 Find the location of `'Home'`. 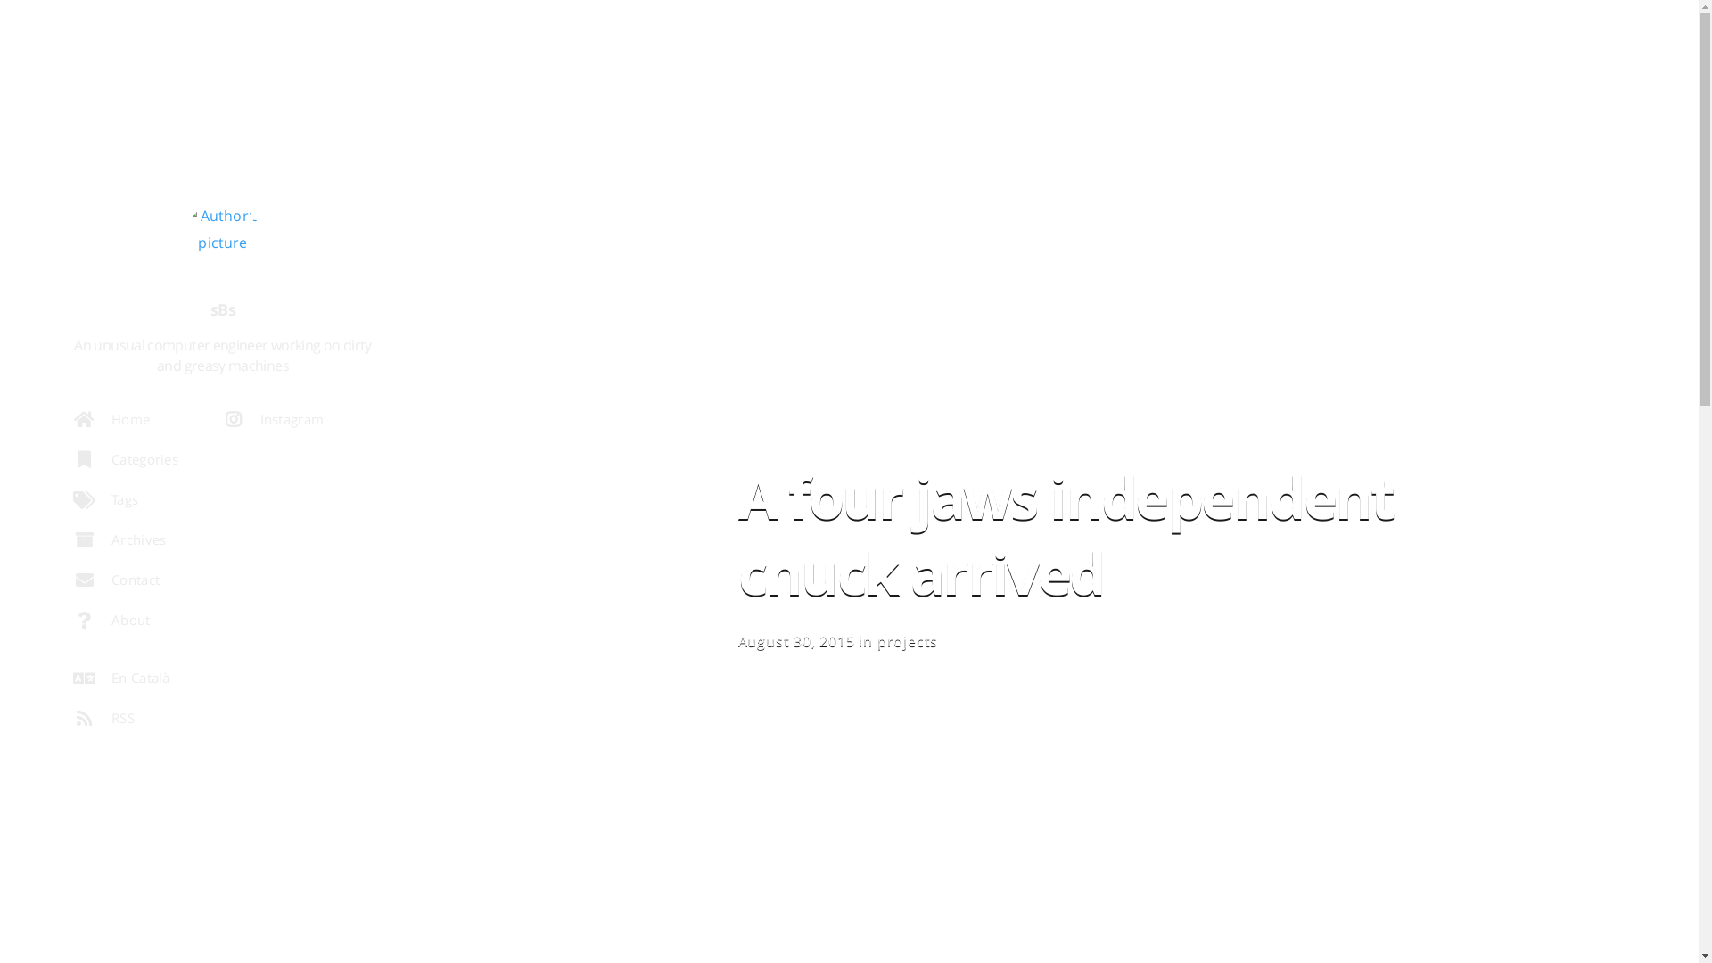

'Home' is located at coordinates (136, 424).